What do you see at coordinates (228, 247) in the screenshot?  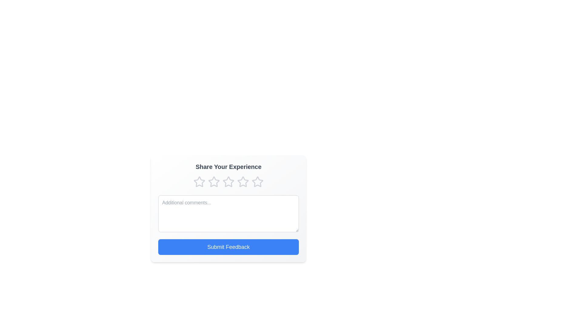 I see `the submit button located at the bottom of the 'Share Your Experience' form, directly beneath the 'Additional comments...' text area to observe the hover effect` at bounding box center [228, 247].